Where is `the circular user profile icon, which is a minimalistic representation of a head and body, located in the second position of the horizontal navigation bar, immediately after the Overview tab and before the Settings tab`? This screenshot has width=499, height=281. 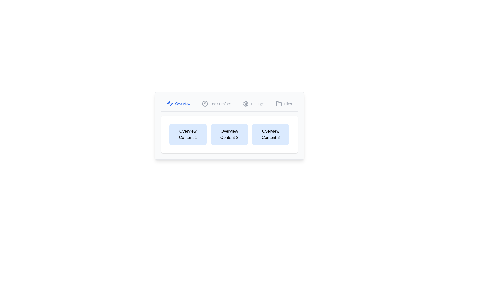
the circular user profile icon, which is a minimalistic representation of a head and body, located in the second position of the horizontal navigation bar, immediately after the Overview tab and before the Settings tab is located at coordinates (205, 104).